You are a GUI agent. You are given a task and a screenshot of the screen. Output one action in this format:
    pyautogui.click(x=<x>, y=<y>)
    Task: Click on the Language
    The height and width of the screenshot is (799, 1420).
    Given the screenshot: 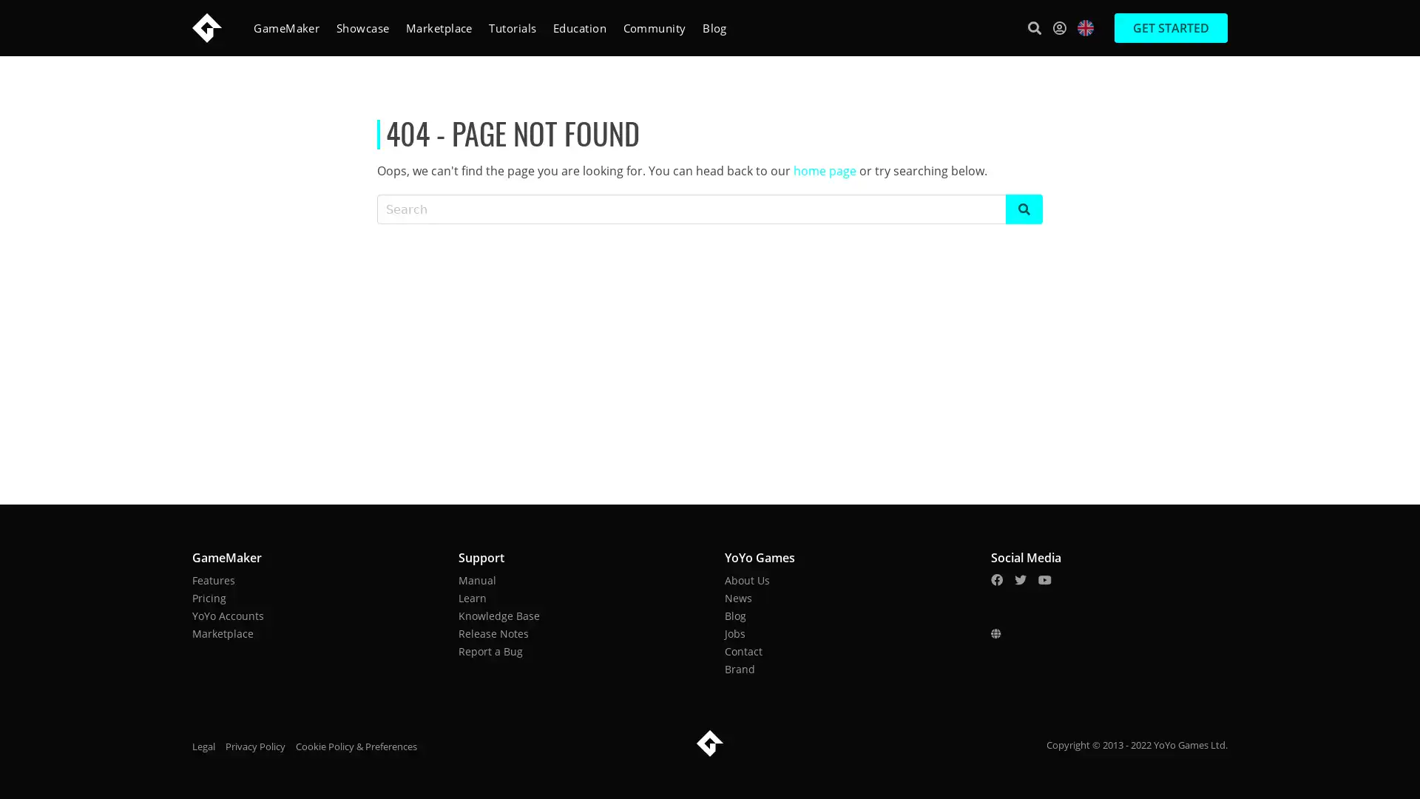 What is the action you would take?
    pyautogui.click(x=1086, y=28)
    